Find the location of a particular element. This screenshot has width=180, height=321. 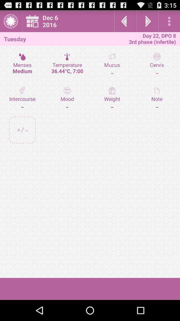

the icon next to mucus is located at coordinates (67, 98).